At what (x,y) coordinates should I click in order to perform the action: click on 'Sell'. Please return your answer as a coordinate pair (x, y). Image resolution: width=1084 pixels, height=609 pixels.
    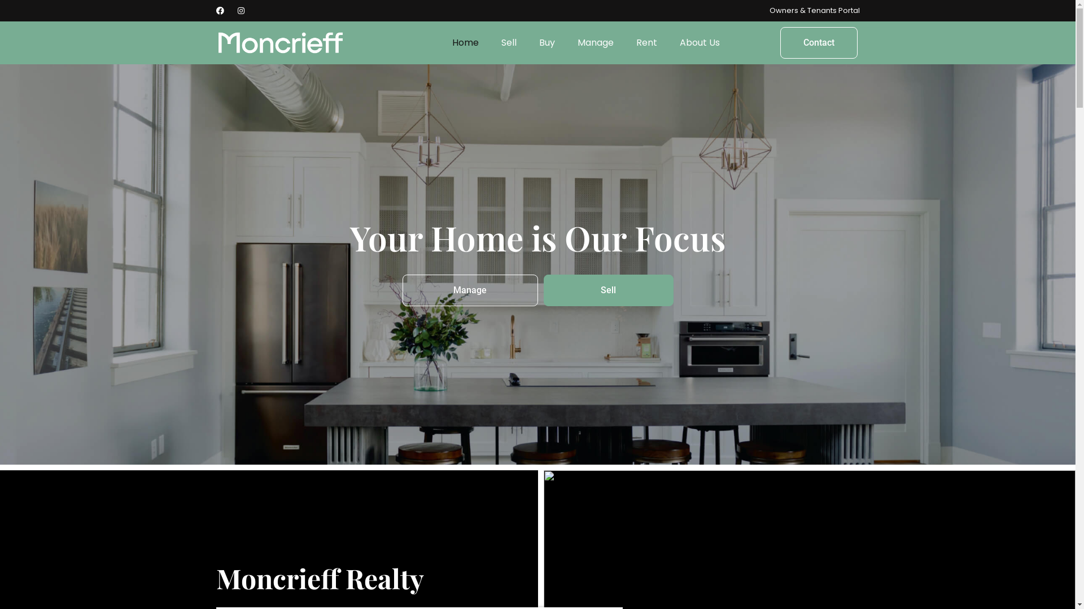
    Looking at the image, I should click on (508, 42).